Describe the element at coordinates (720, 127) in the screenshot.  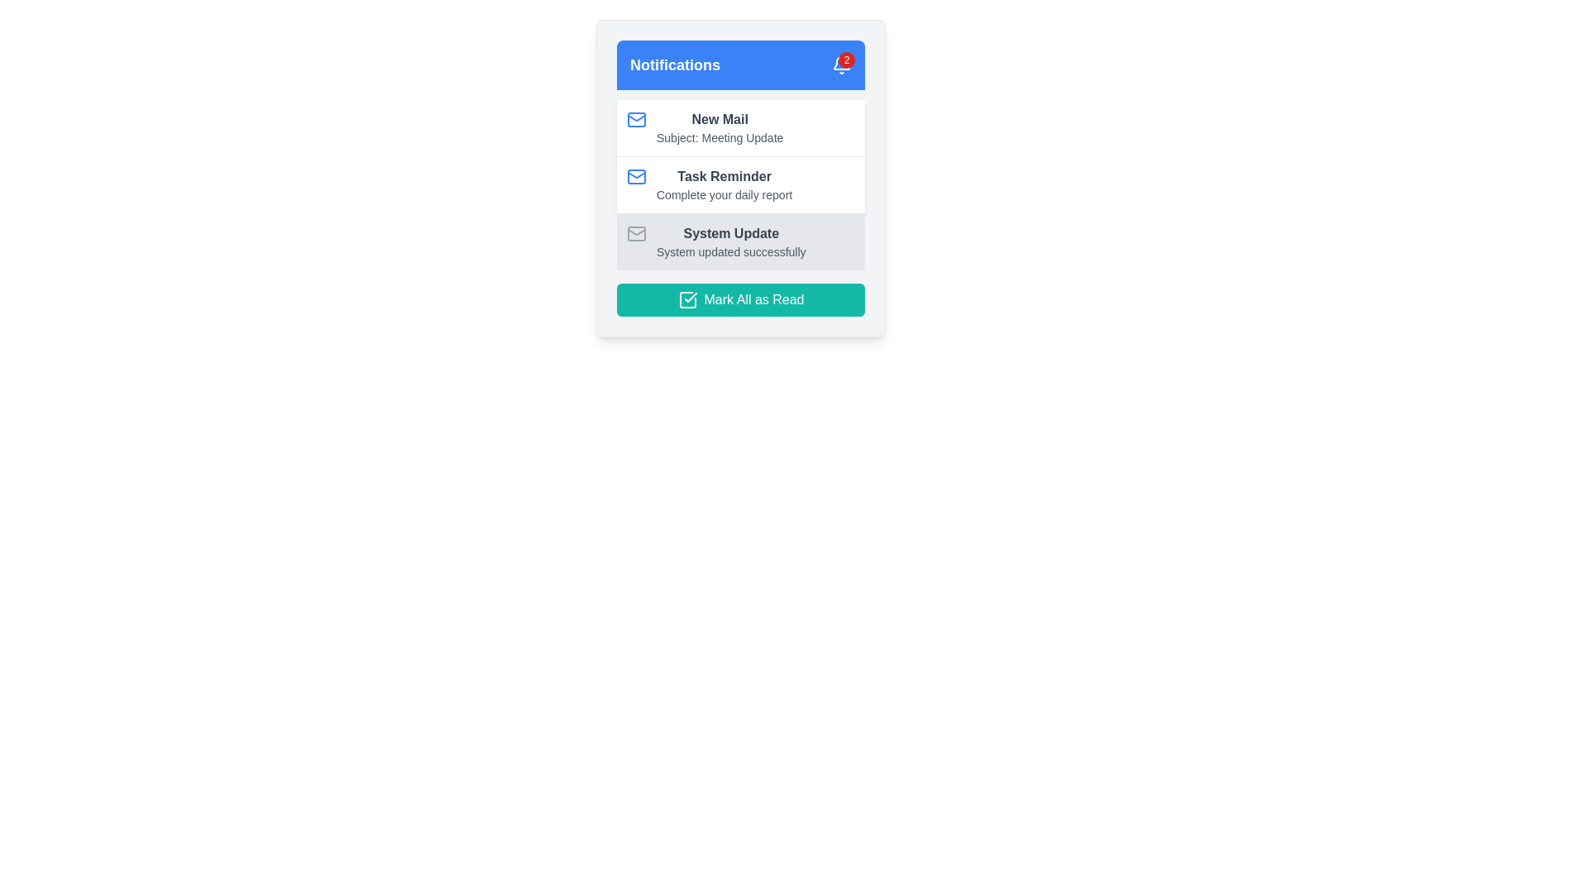
I see `details of the text block displaying the email notification summary located at the top of the notification card, adjacent to the blue email icon` at that location.